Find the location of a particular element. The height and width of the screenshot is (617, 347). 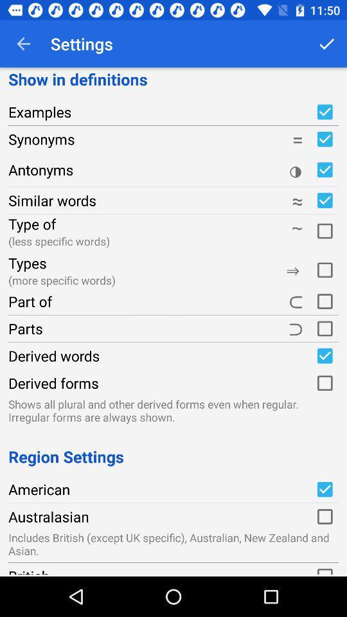

type of is located at coordinates (324, 229).